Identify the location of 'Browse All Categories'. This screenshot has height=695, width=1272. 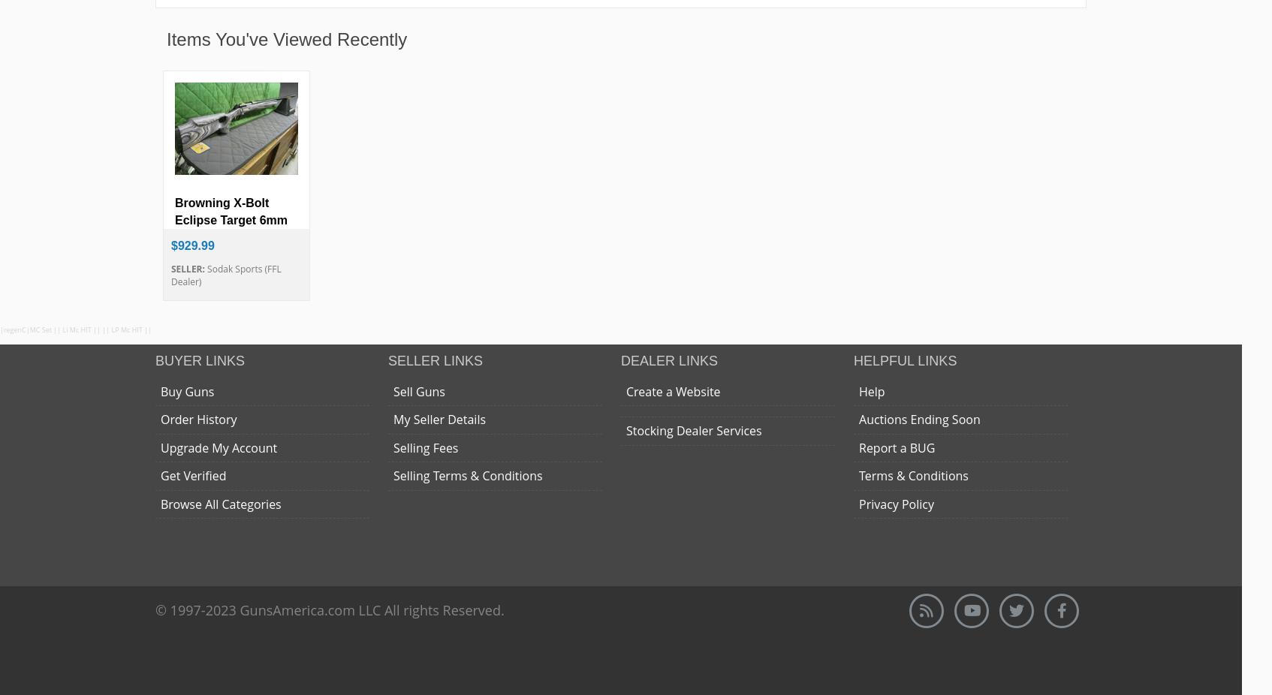
(160, 502).